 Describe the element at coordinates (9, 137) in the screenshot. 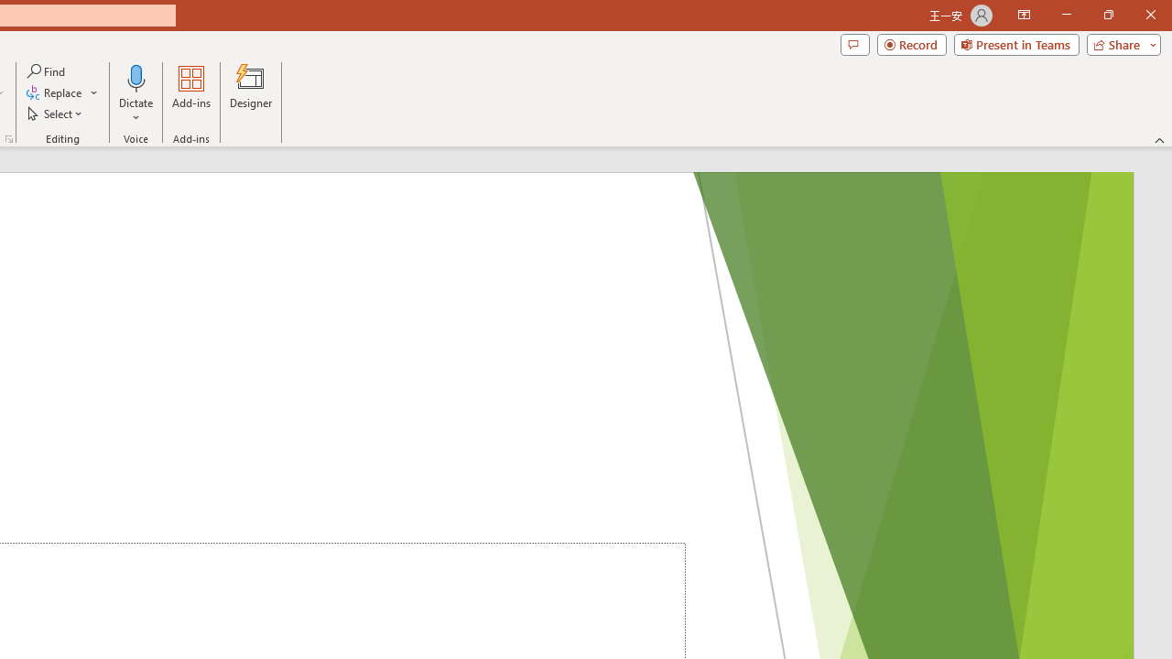

I see `'Format Object...'` at that location.